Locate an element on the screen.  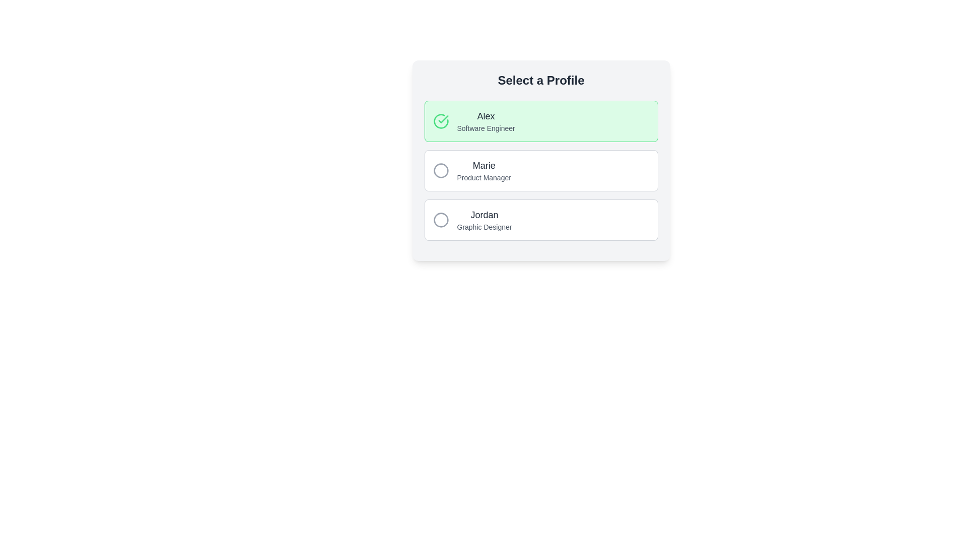
the prominent header 'Select a Profile' which is styled with a large font size and bold, dark-colored text, located at the top of the selection section is located at coordinates (540, 80).